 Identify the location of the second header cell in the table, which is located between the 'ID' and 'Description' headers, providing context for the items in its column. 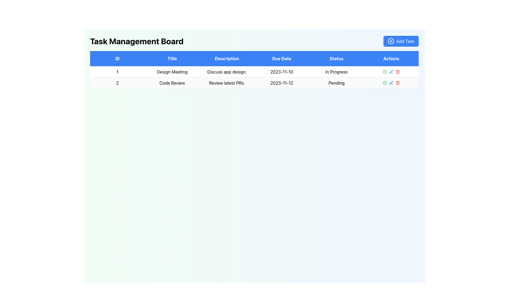
(172, 59).